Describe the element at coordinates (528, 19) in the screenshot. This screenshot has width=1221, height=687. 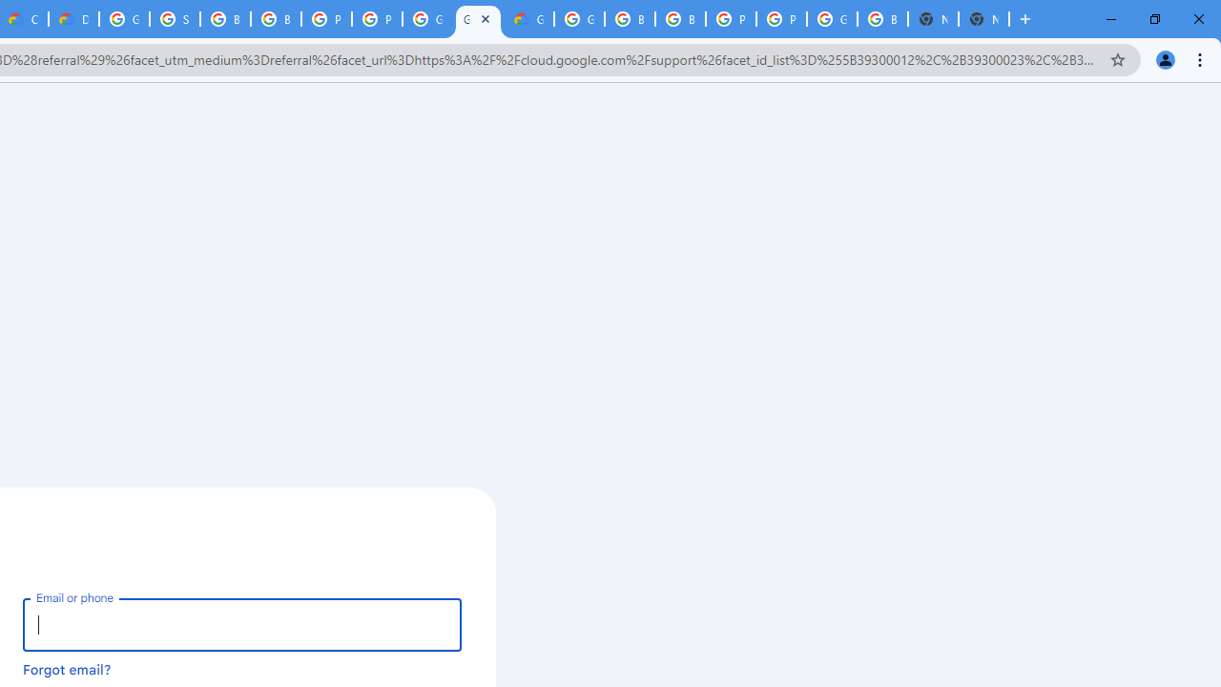
I see `'Google Cloud Estimate Summary'` at that location.